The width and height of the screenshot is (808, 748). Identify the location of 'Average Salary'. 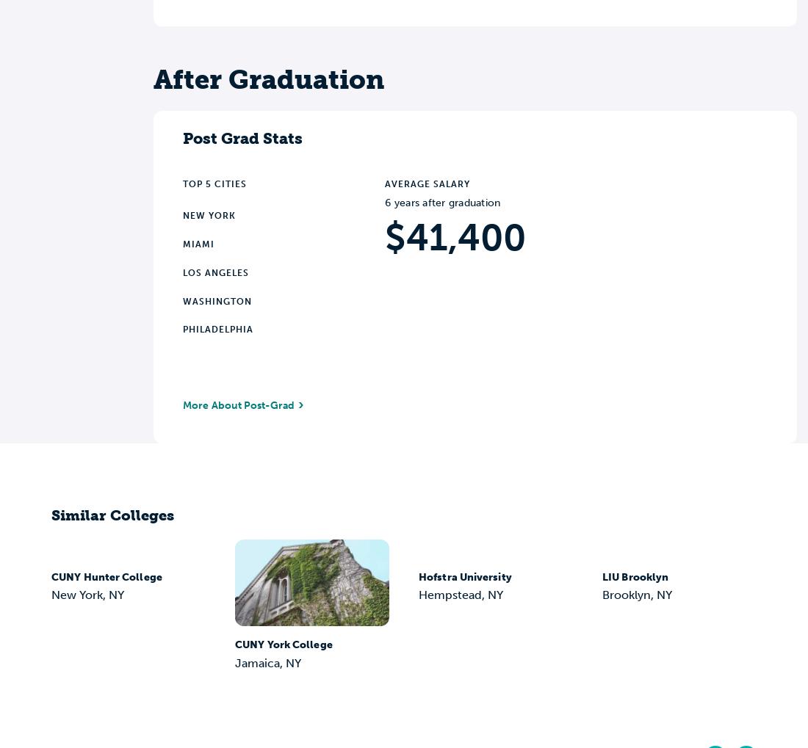
(427, 184).